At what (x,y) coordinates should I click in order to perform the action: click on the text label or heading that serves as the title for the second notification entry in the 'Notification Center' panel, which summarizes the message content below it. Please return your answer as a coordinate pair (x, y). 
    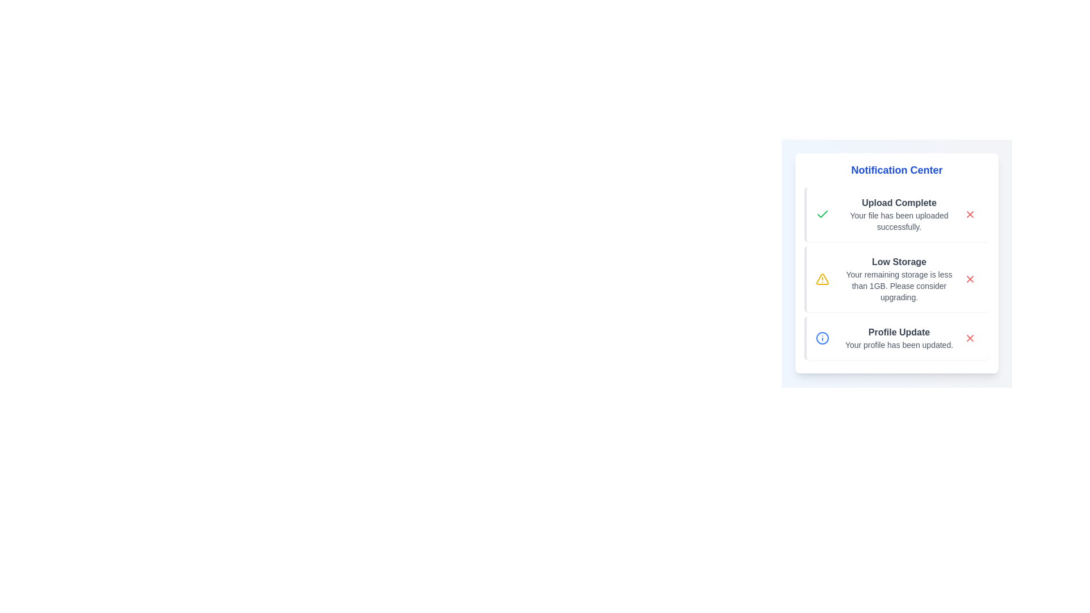
    Looking at the image, I should click on (899, 262).